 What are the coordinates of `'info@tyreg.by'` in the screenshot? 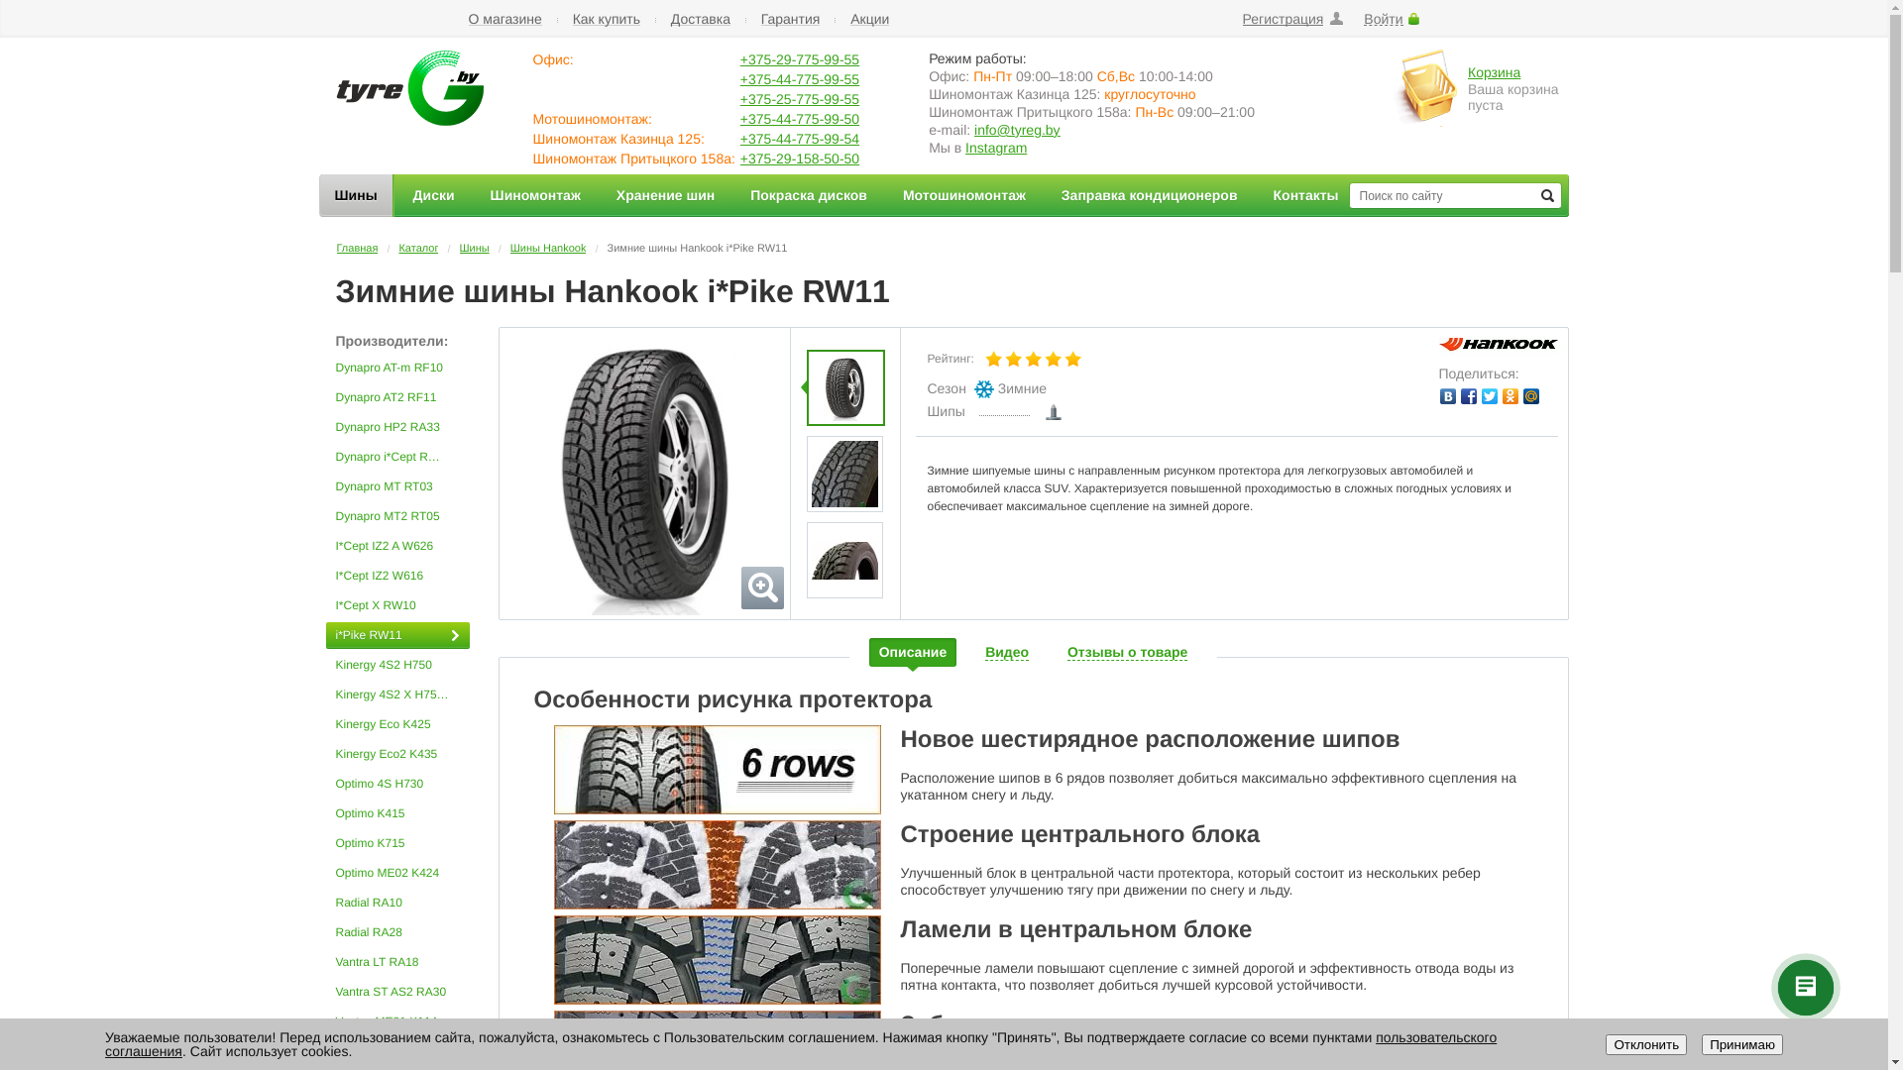 It's located at (1017, 130).